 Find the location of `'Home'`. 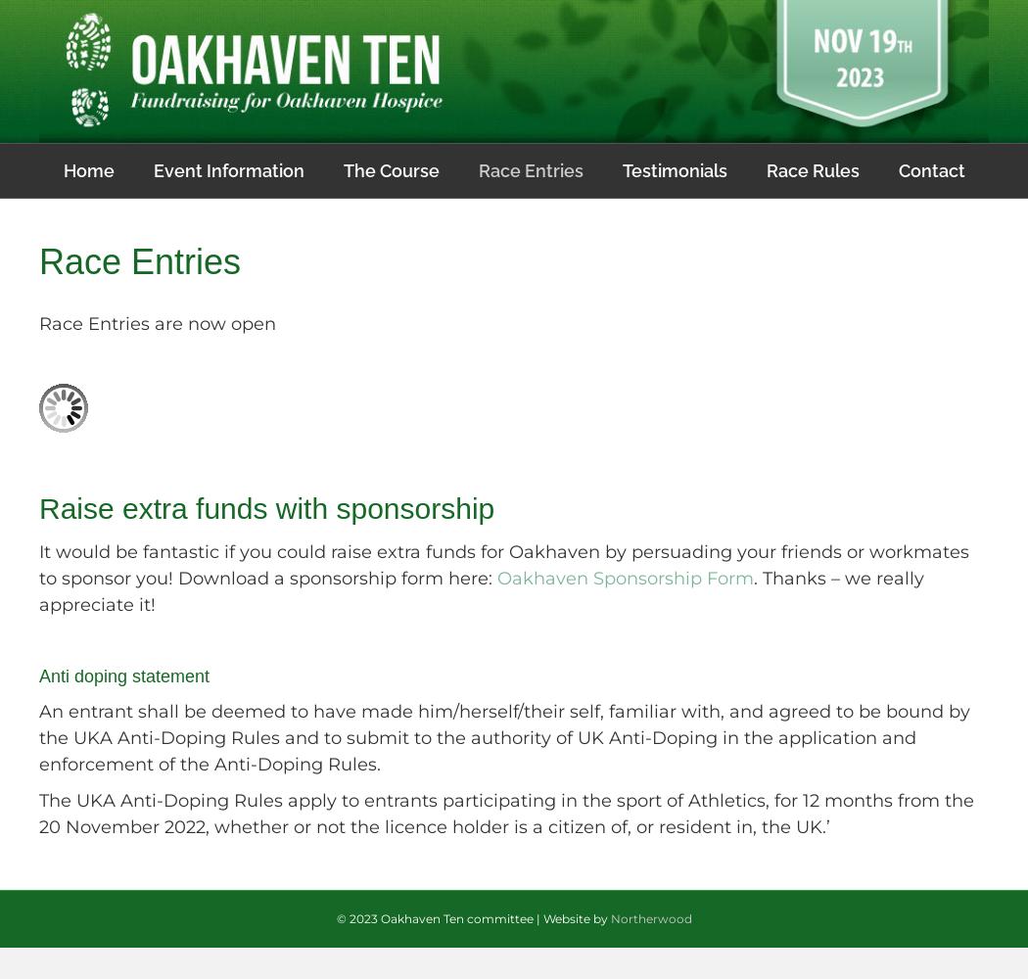

'Home' is located at coordinates (62, 169).